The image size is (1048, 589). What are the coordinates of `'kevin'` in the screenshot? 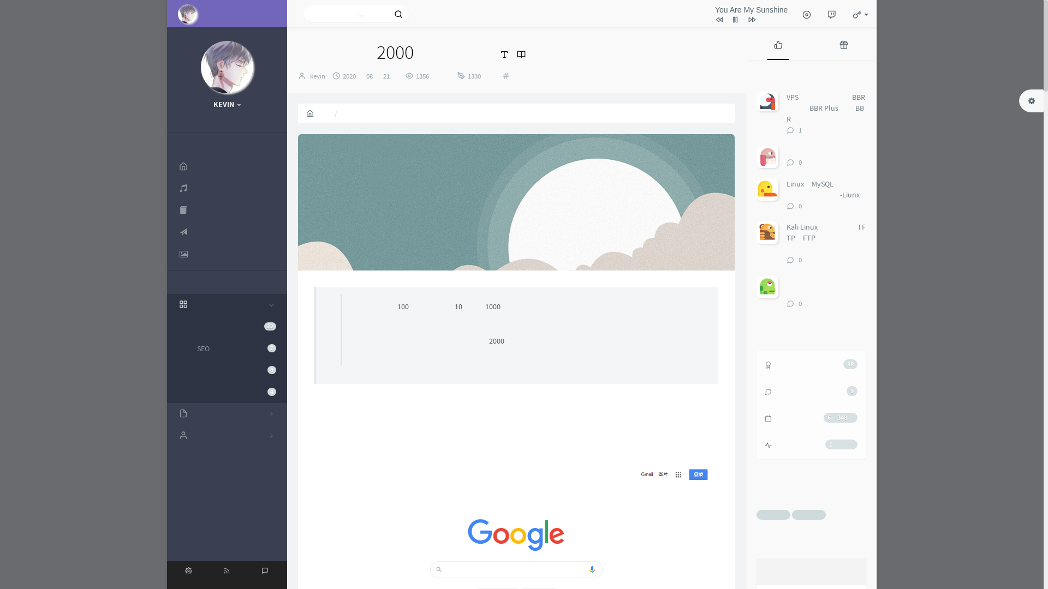 It's located at (317, 75).